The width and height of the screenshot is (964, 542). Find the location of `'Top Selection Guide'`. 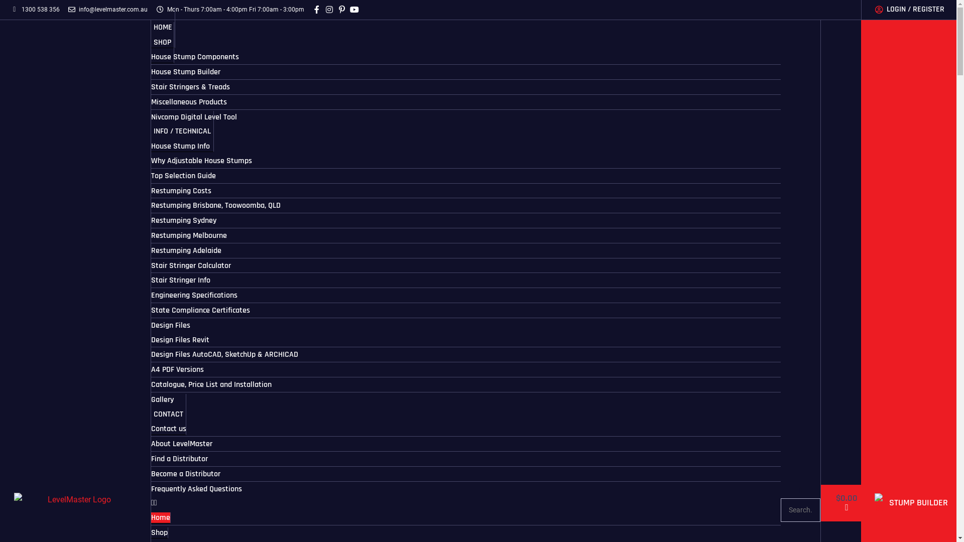

'Top Selection Guide' is located at coordinates (151, 175).